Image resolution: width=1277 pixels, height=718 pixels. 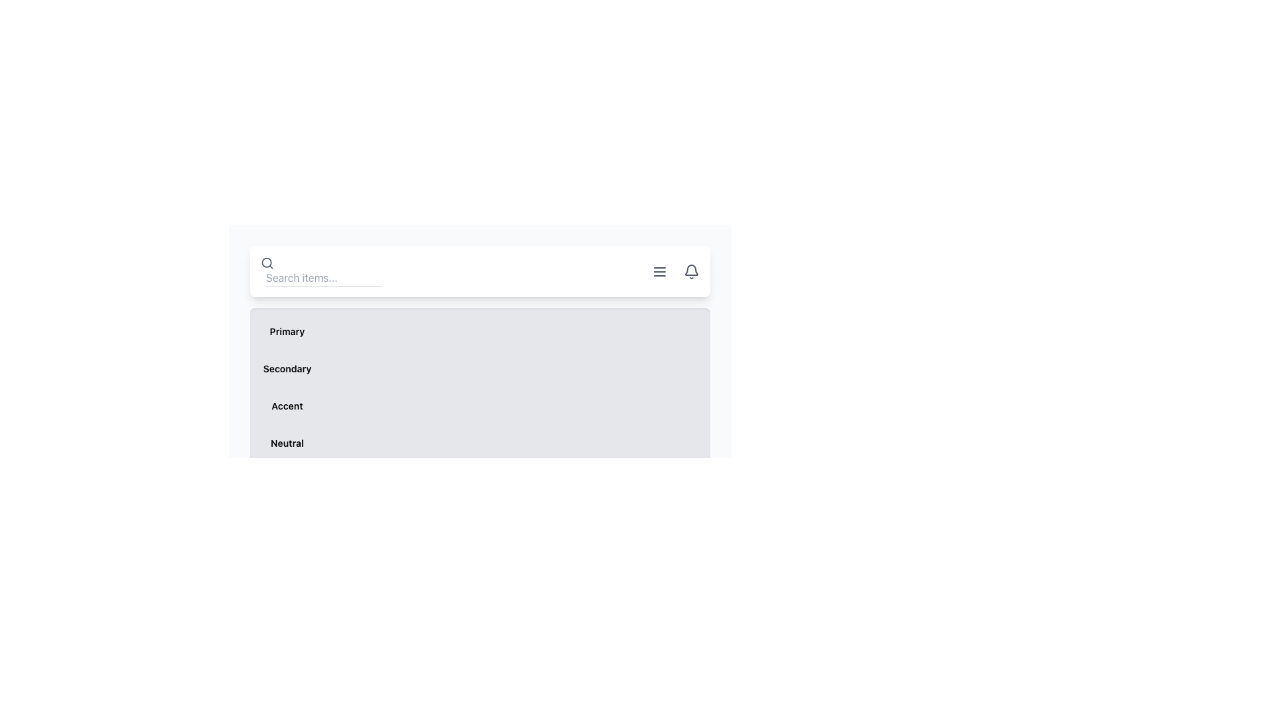 I want to click on the SVG Circle that represents the lens of the magnifying glass in the search icon located near the top-right corner of the layout, so click(x=266, y=263).